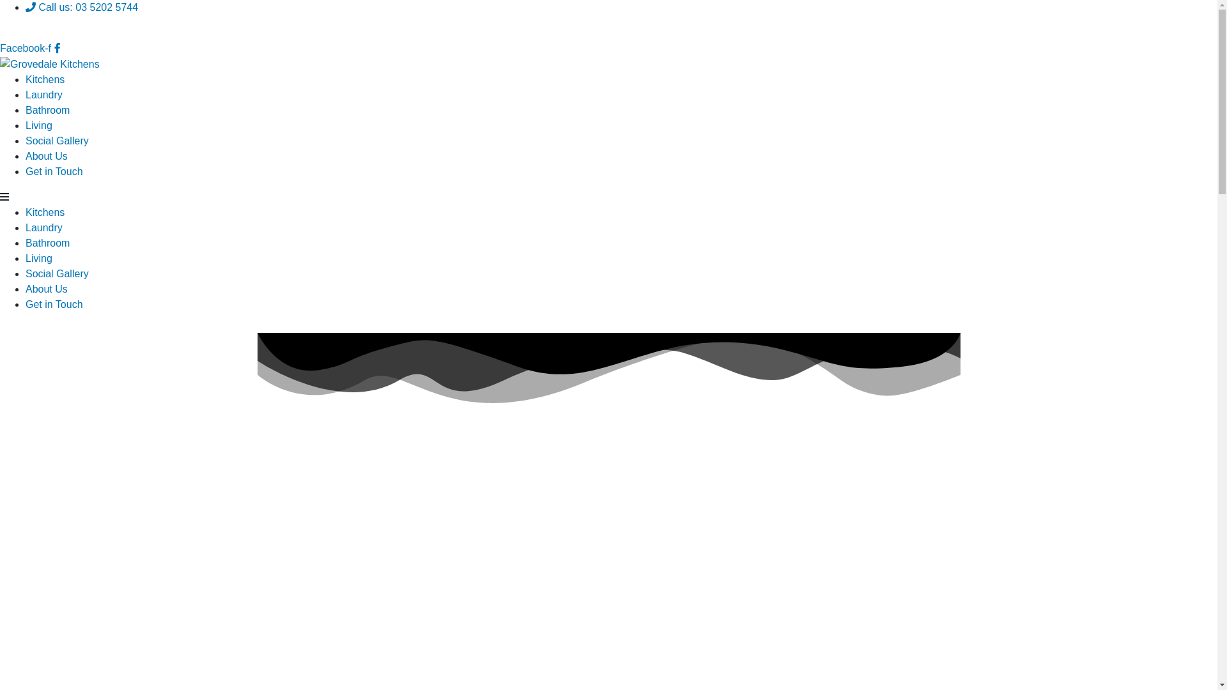  I want to click on 'Living', so click(39, 125).